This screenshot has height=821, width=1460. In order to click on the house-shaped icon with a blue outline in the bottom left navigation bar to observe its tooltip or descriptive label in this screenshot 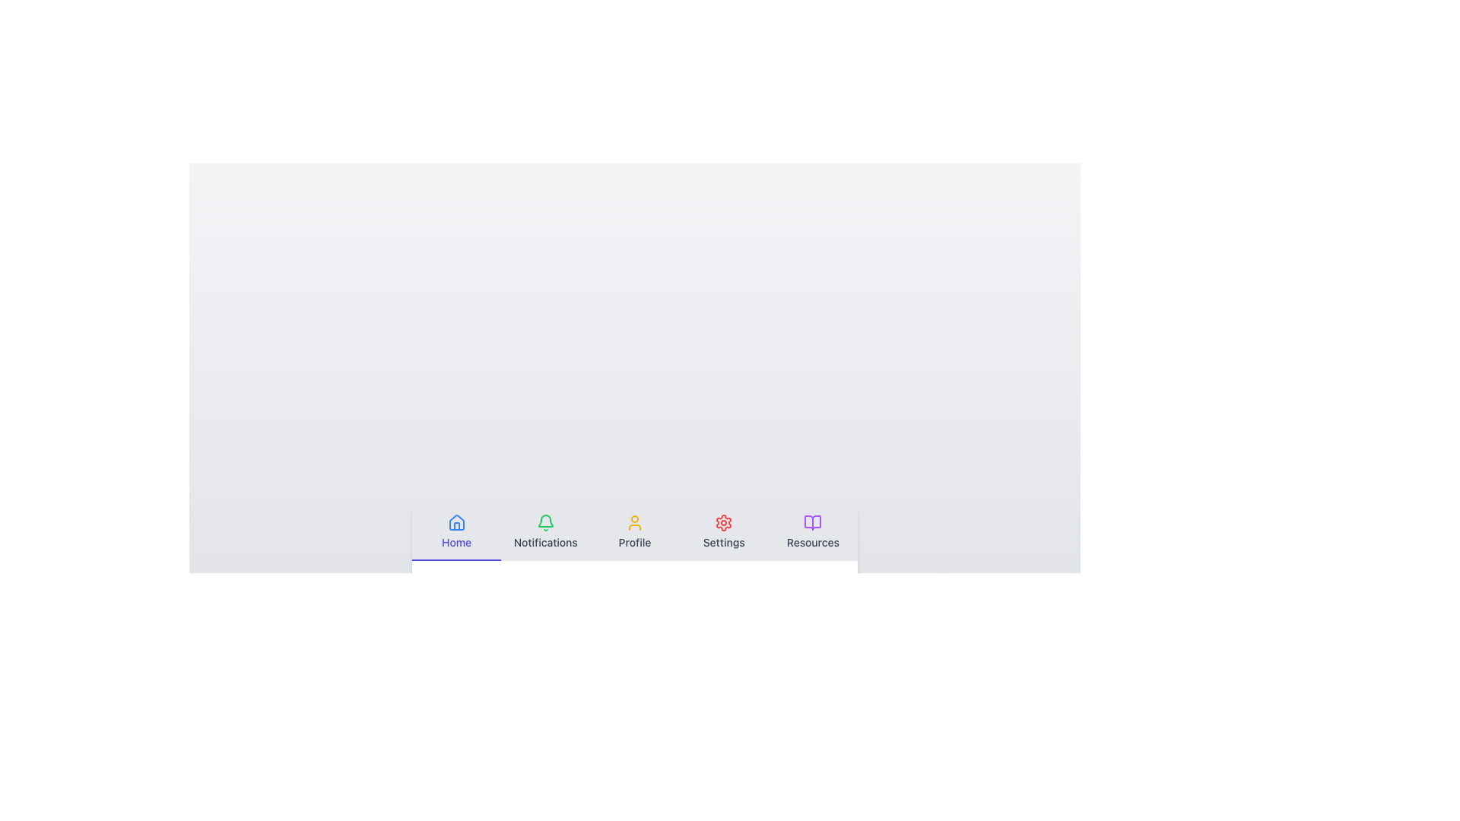, I will do `click(455, 521)`.